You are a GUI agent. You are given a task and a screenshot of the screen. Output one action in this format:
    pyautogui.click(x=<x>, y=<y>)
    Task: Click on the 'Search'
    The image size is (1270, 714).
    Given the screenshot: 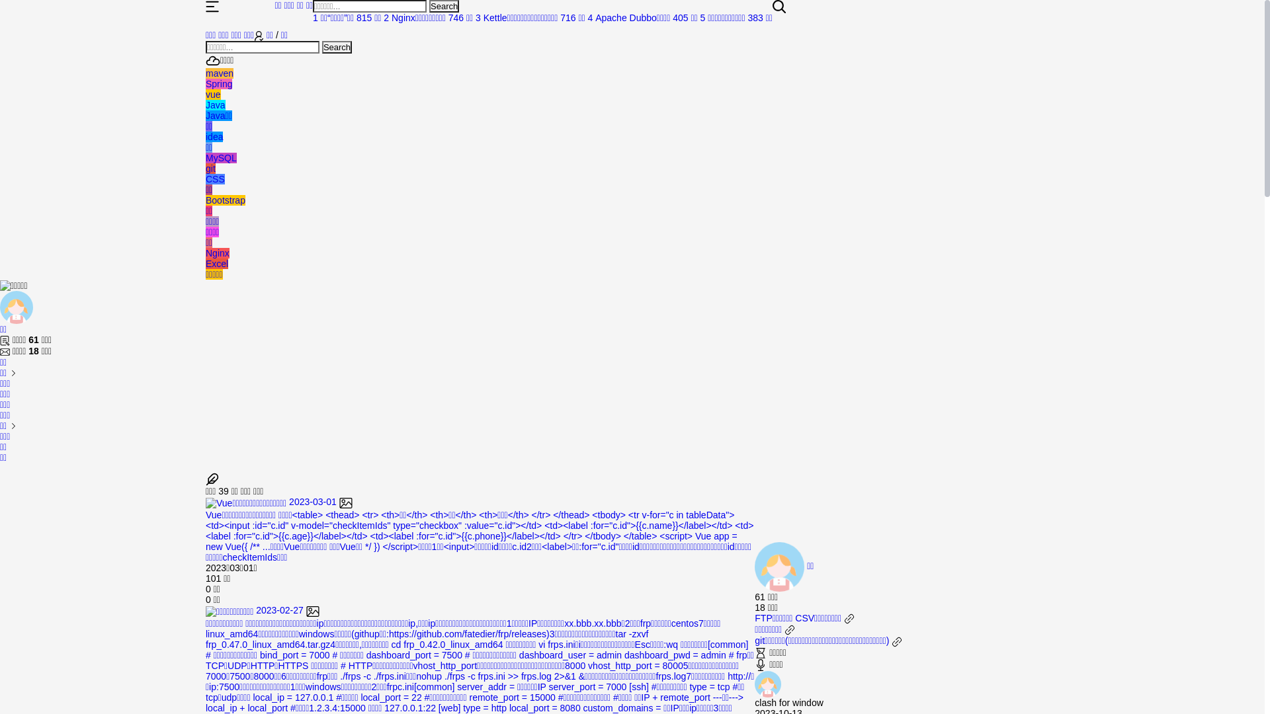 What is the action you would take?
    pyautogui.click(x=337, y=46)
    